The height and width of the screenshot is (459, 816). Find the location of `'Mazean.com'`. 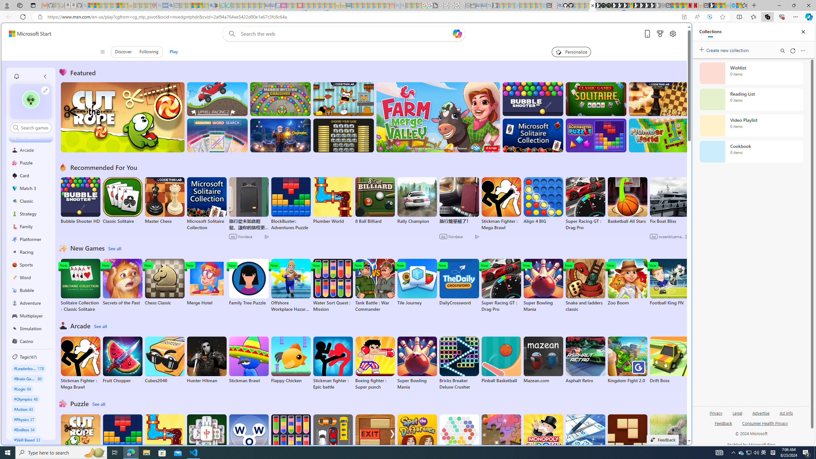

'Mazean.com' is located at coordinates (543, 360).